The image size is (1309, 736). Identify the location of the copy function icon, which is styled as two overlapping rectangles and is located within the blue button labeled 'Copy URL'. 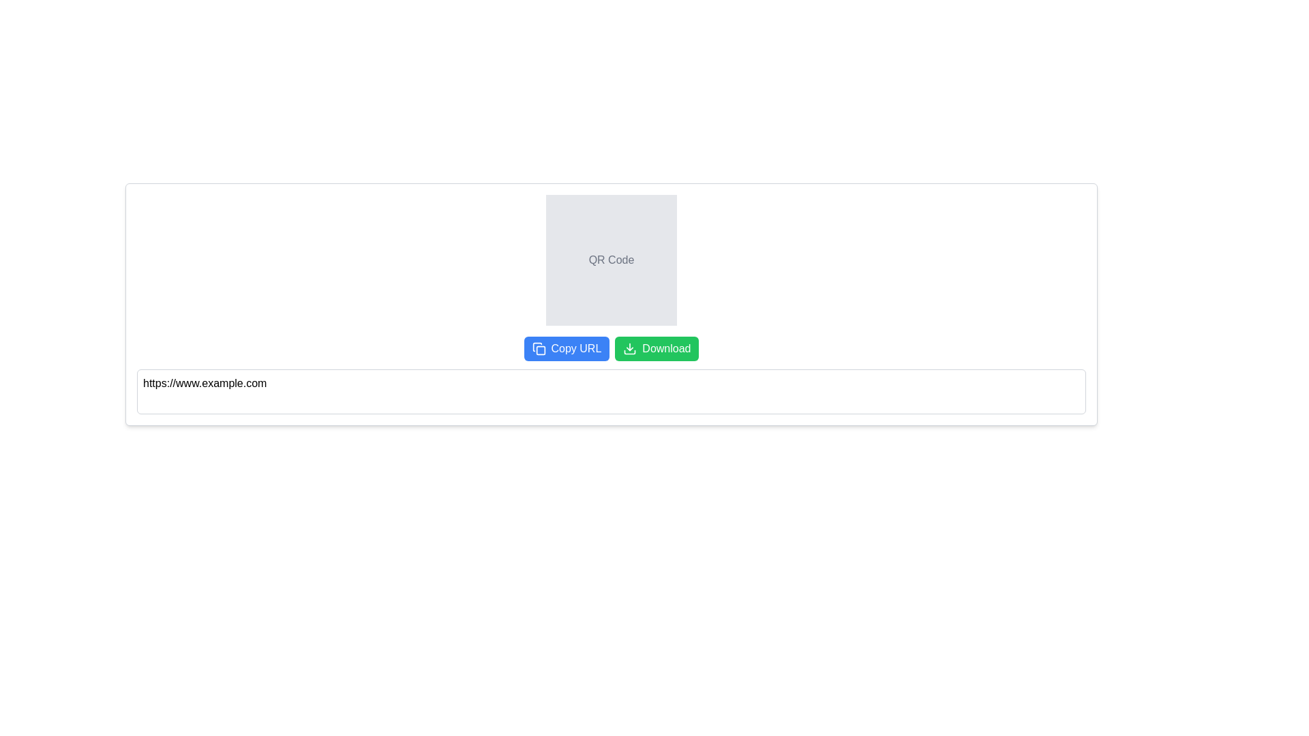
(538, 348).